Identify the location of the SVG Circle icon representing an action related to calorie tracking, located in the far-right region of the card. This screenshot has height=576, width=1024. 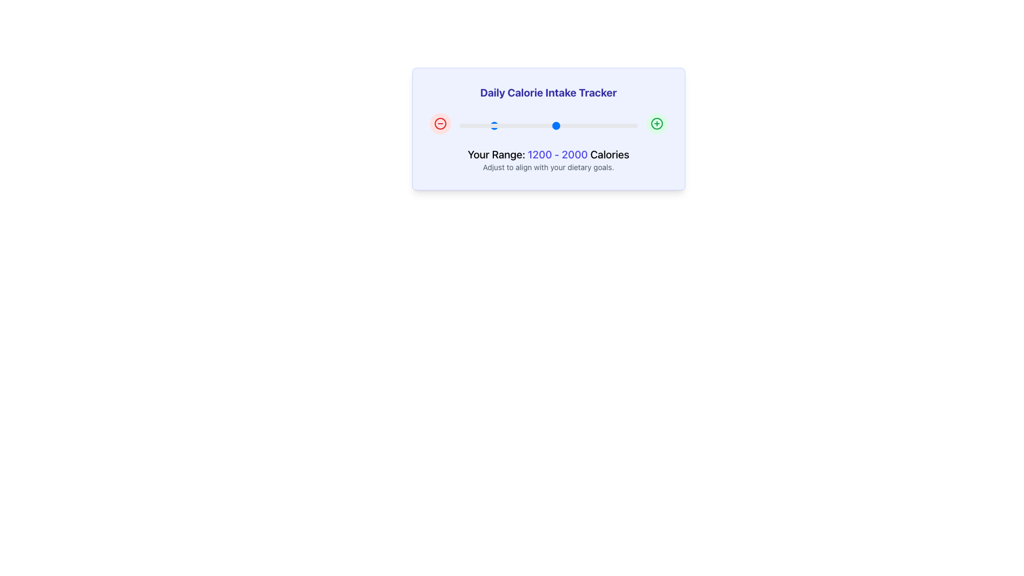
(656, 123).